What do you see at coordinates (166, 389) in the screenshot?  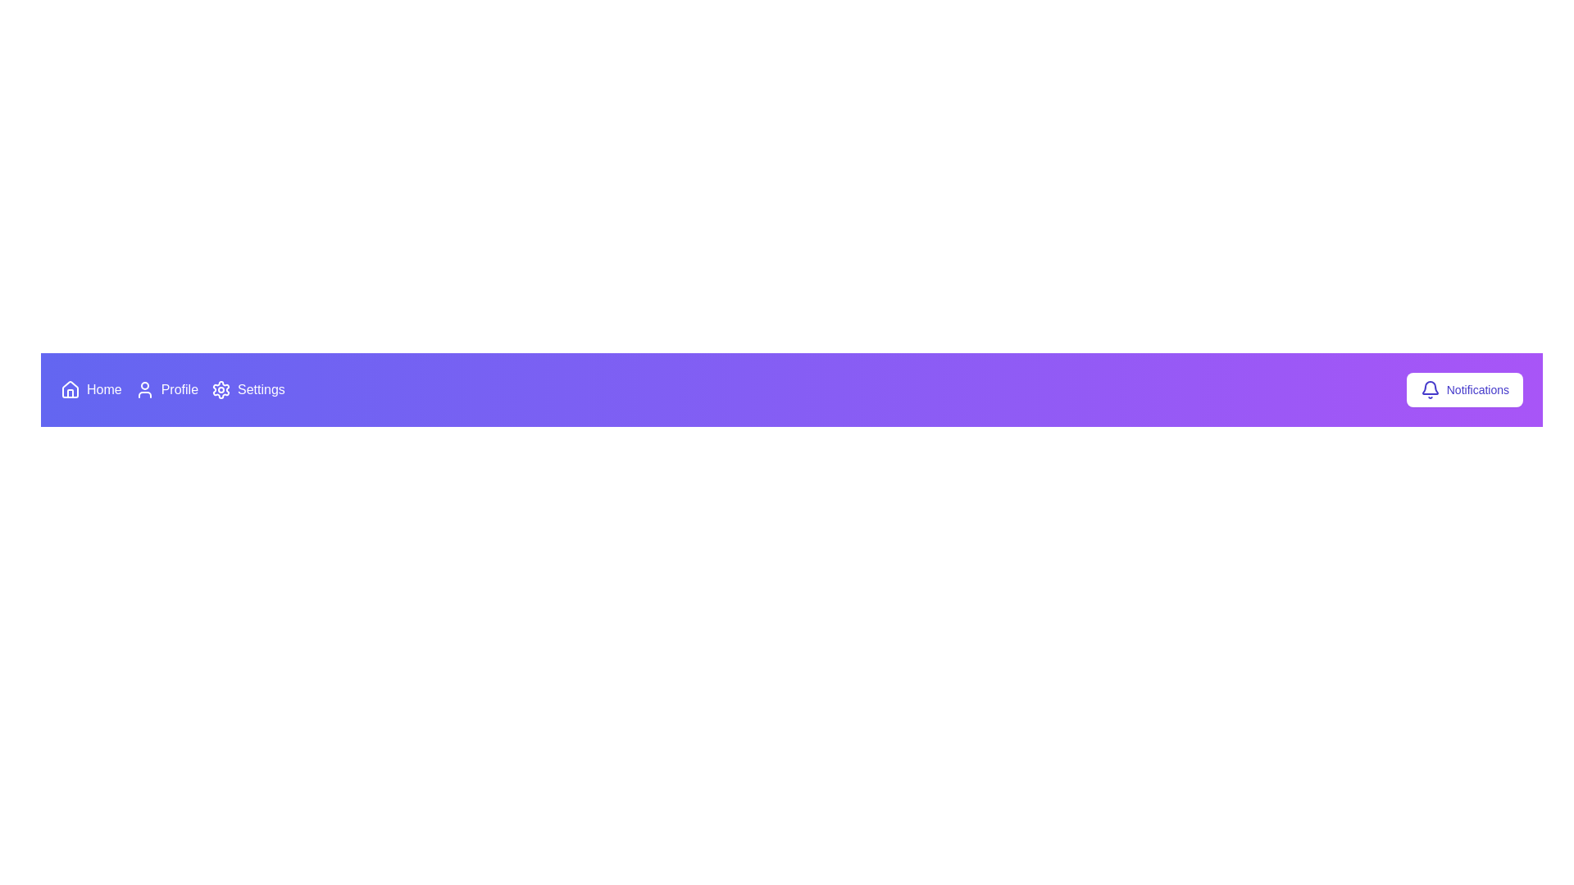 I see `the 'Profile' button, which features a user silhouette icon and is located in the navigation bar between 'Home' and 'Settings'` at bounding box center [166, 389].